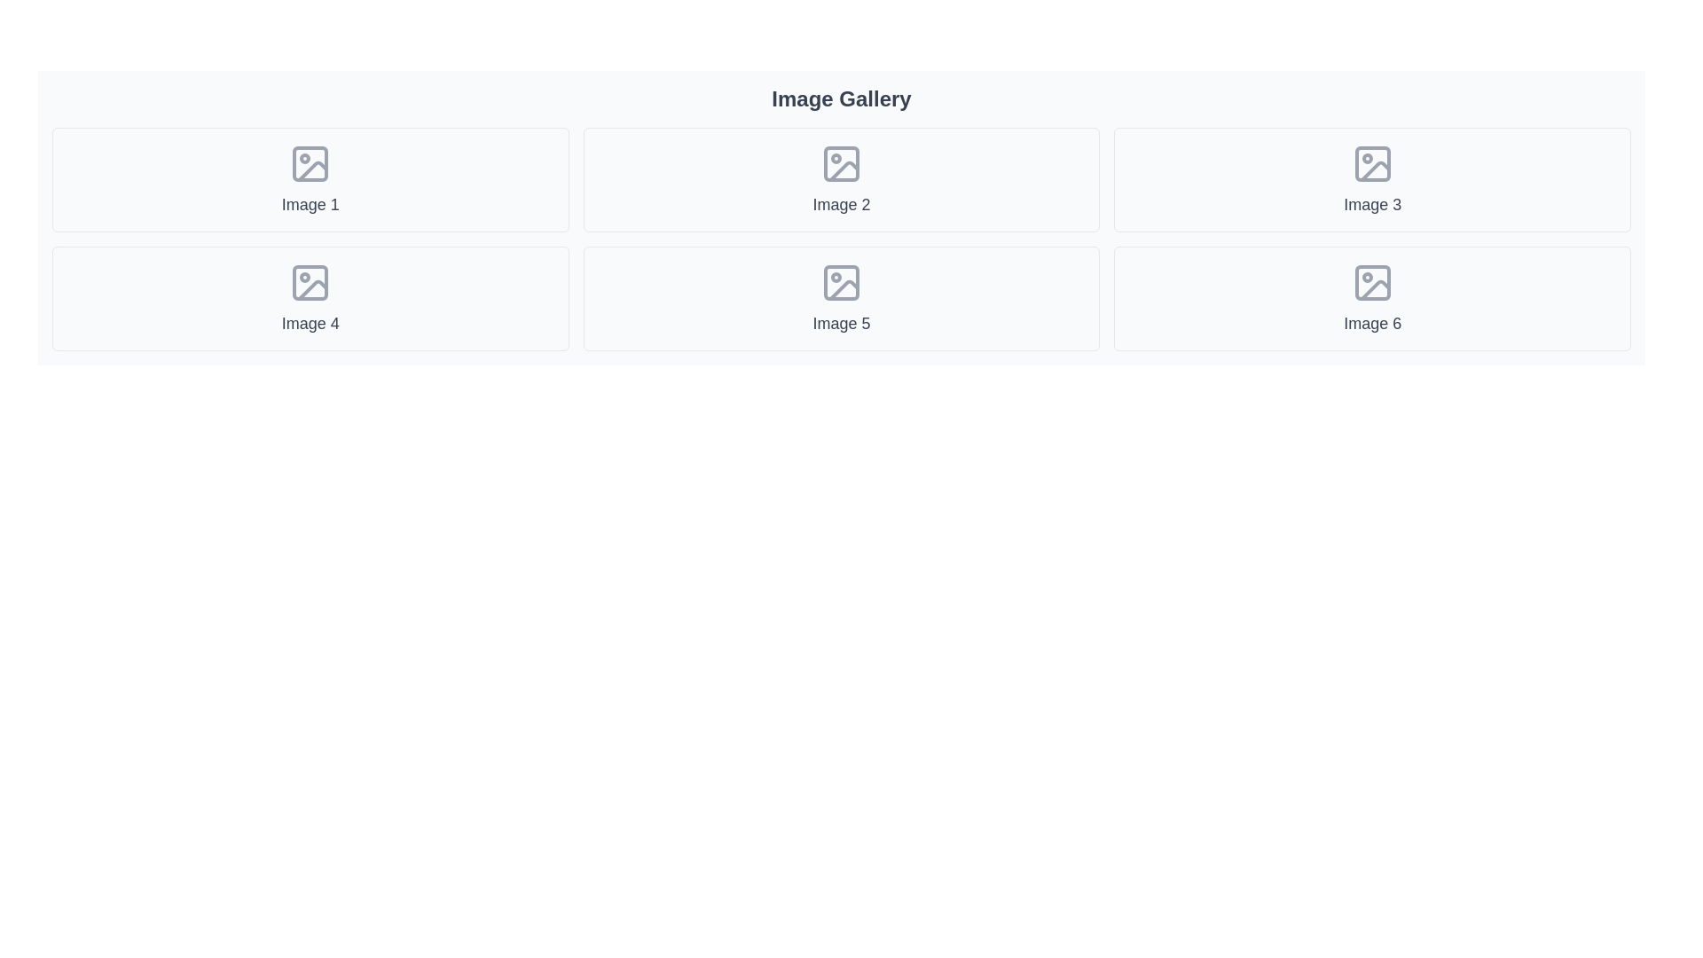 The image size is (1703, 958). I want to click on the Text Label element displaying 'Image 4', which is styled in large gray font and positioned below an icon placeholder in the second row, first column of a card layout, so click(310, 324).